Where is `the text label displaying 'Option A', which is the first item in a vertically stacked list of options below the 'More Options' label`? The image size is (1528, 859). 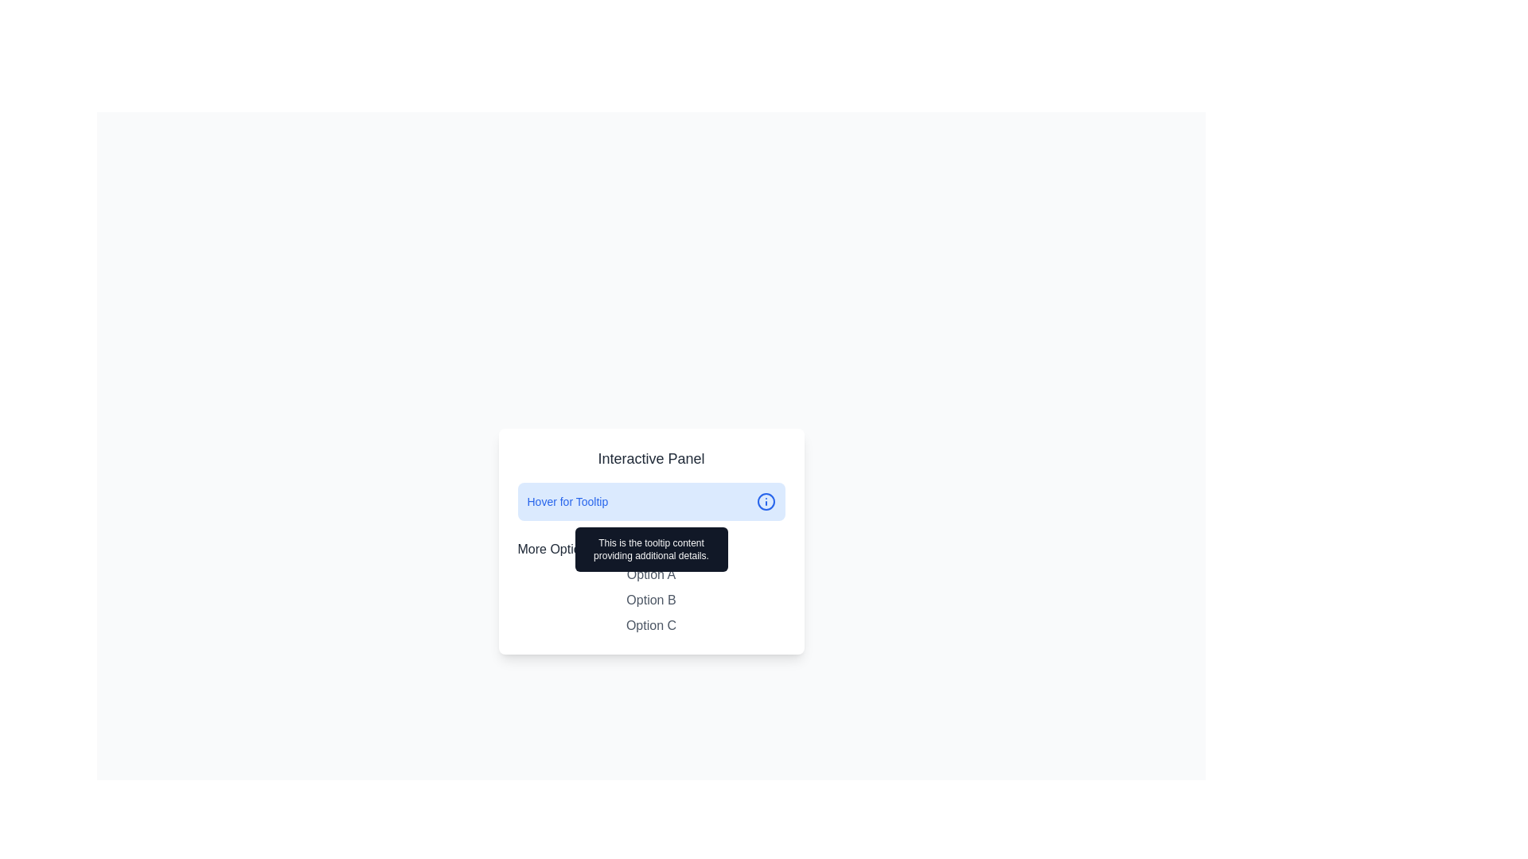 the text label displaying 'Option A', which is the first item in a vertically stacked list of options below the 'More Options' label is located at coordinates (651, 574).